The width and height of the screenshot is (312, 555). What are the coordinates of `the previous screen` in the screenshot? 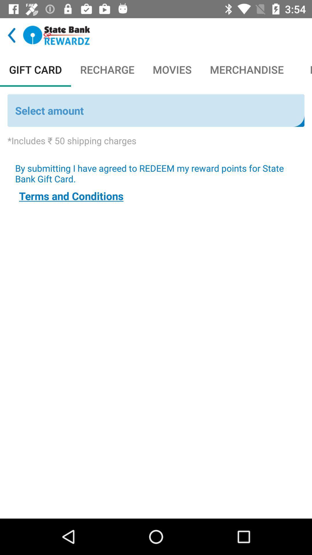 It's located at (12, 35).